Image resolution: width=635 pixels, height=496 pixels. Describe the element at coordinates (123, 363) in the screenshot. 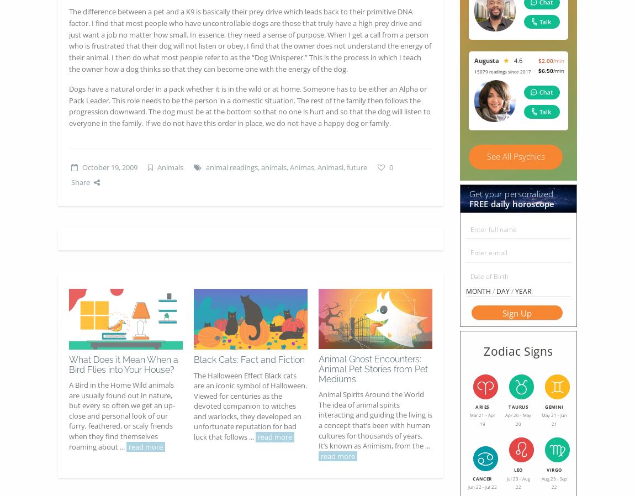

I see `'What Does it Mean When a Bird Flies into Your House?'` at that location.